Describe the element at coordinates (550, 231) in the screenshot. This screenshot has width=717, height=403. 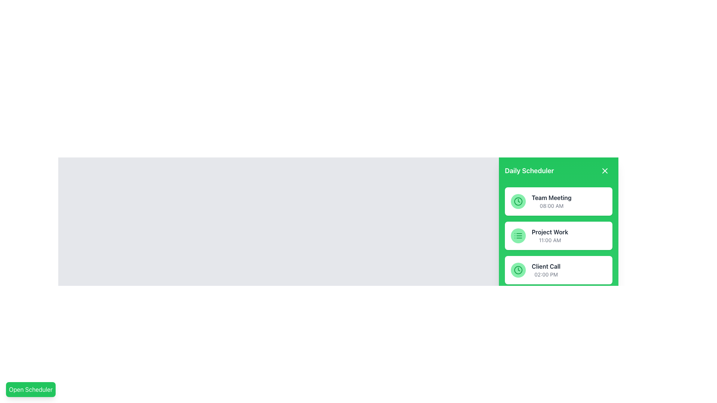
I see `the bold text label 'Project Work' located in the middle section of the green-titled panel labeled 'Daily Scheduler'` at that location.